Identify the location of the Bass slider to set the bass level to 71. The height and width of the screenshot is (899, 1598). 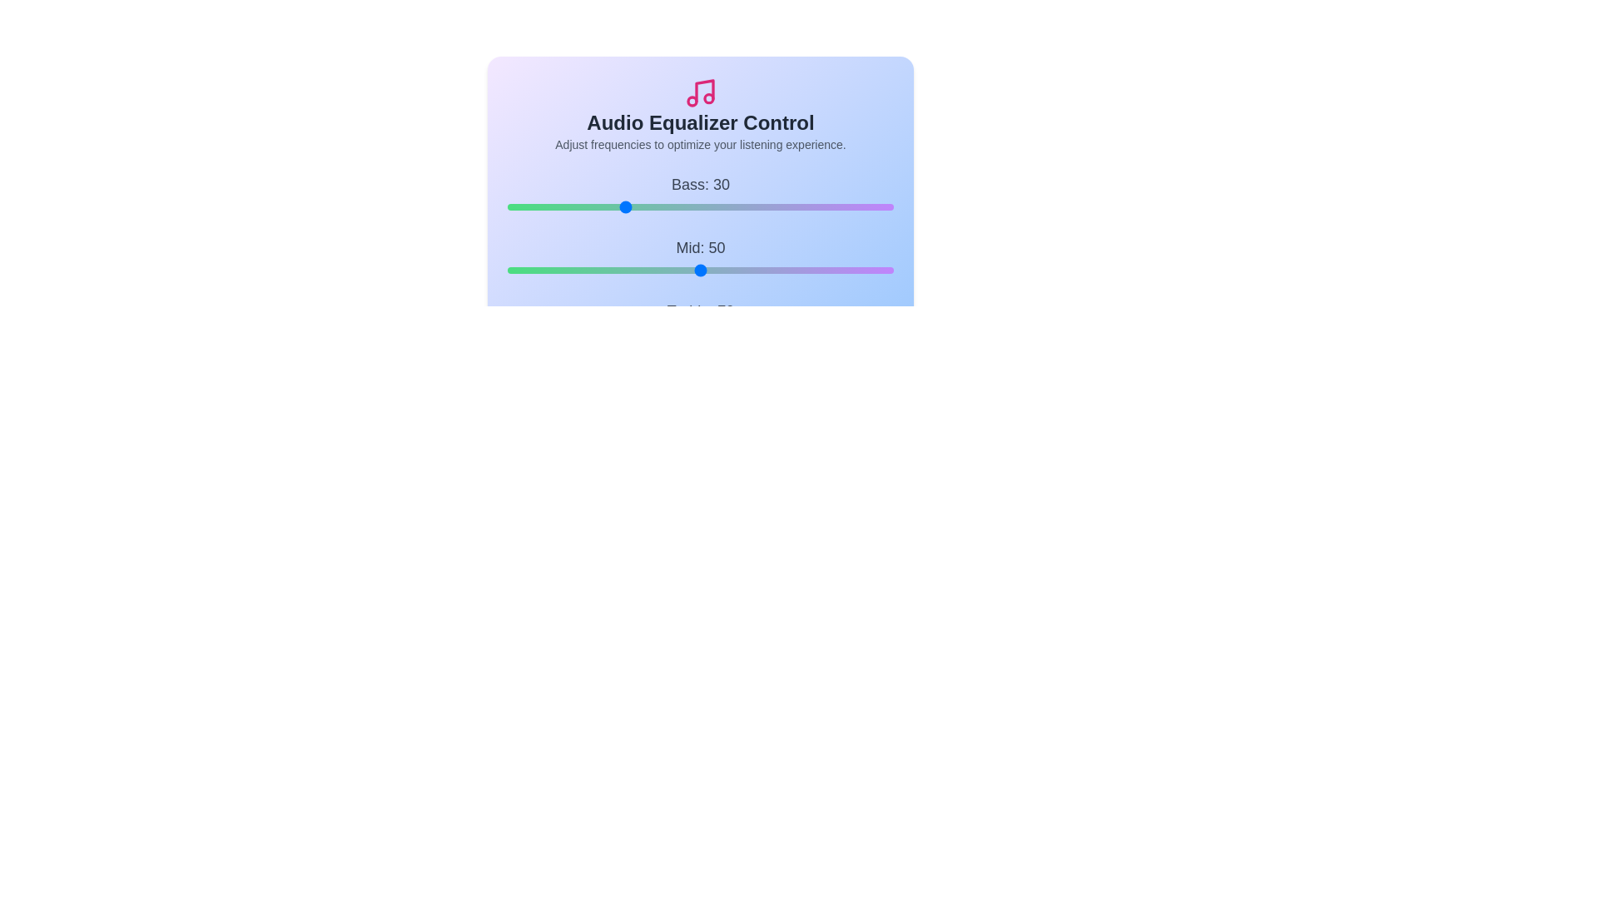
(781, 206).